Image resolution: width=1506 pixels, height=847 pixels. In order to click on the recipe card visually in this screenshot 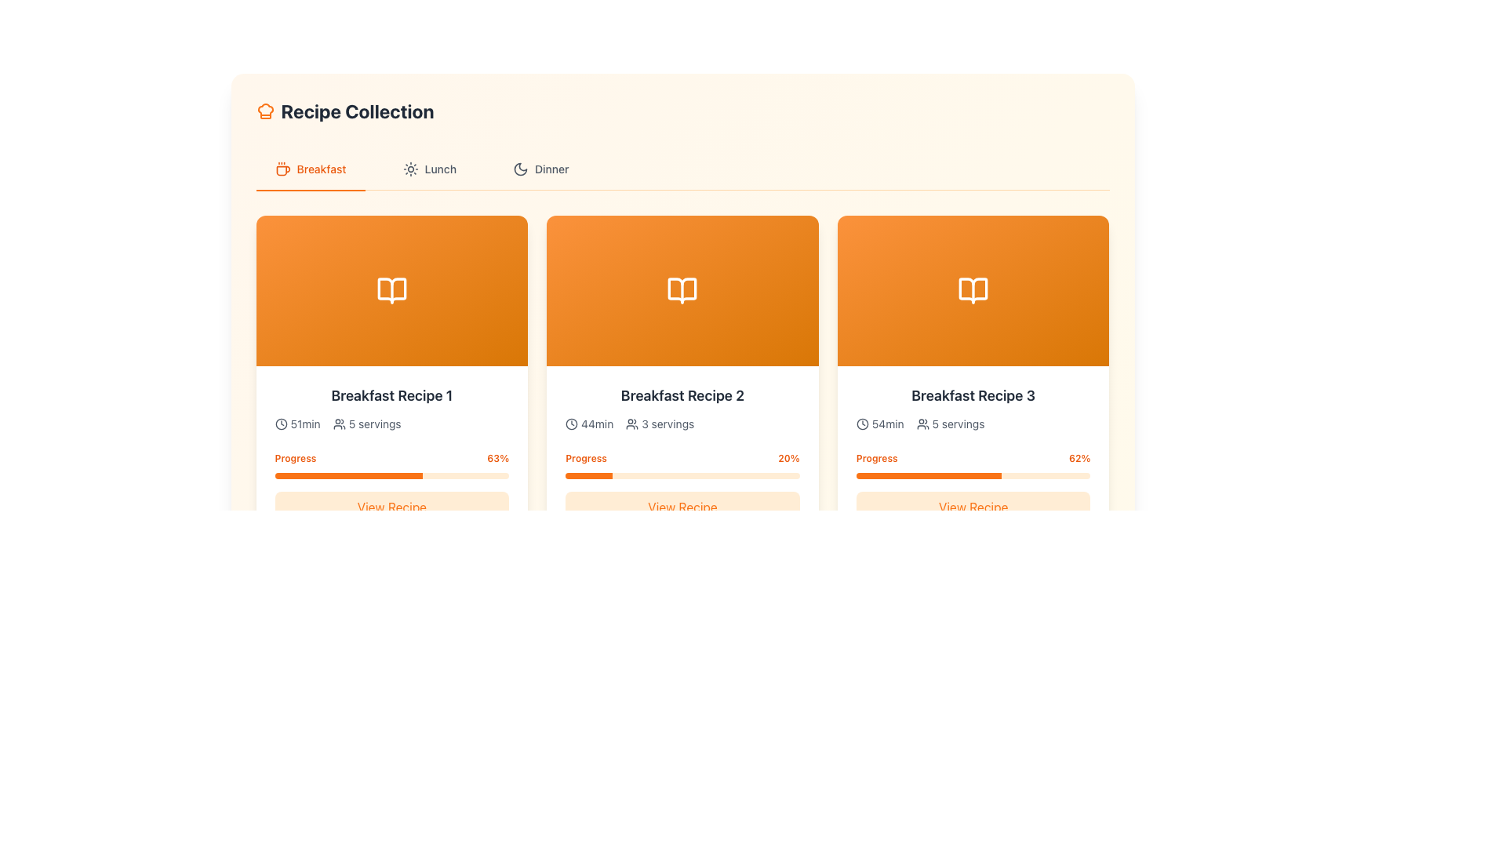, I will do `click(391, 290)`.